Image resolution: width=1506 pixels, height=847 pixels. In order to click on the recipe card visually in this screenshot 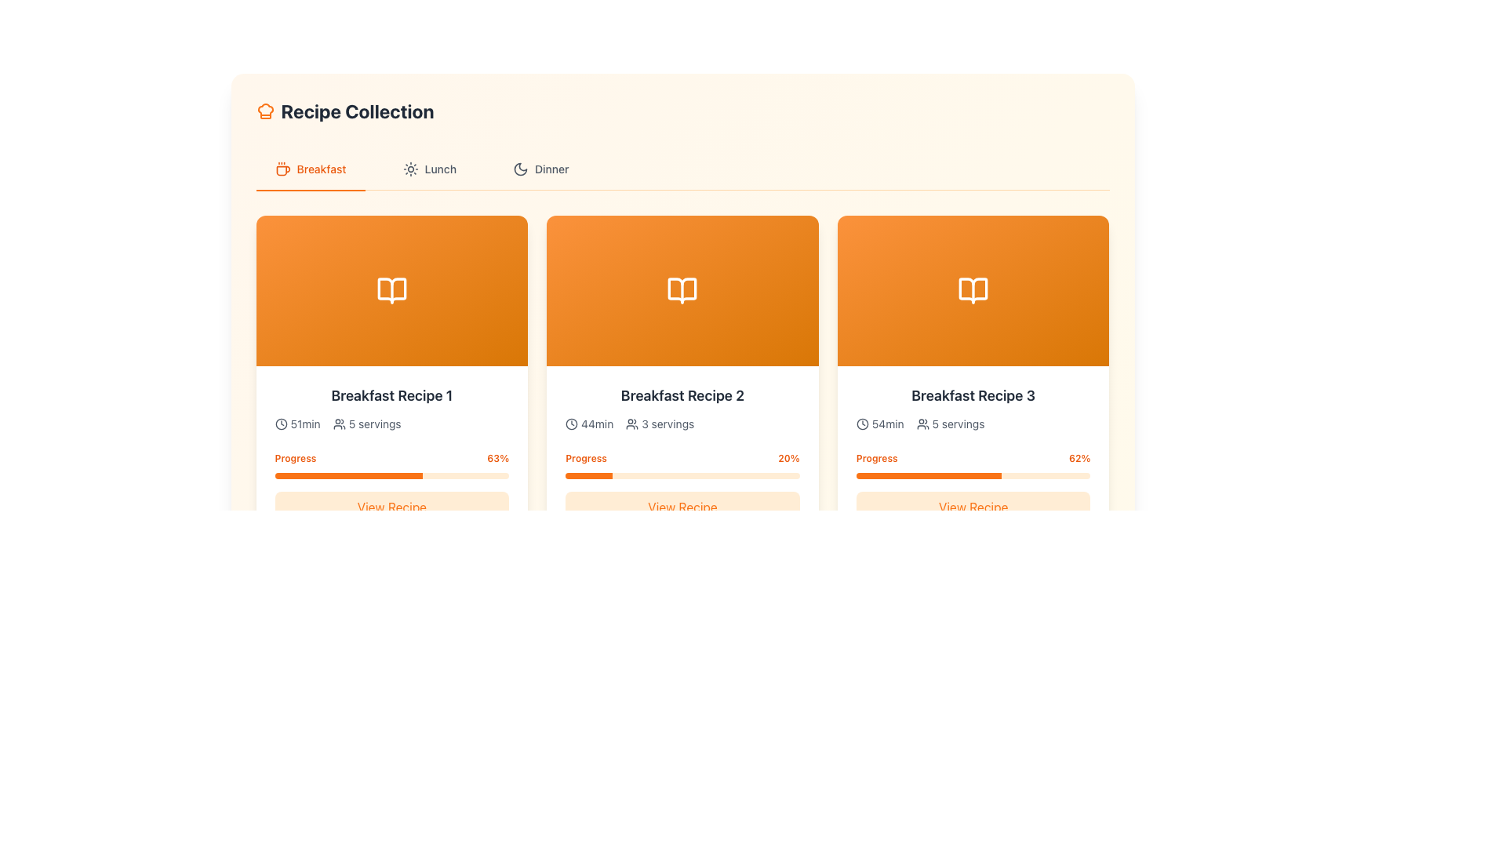, I will do `click(391, 290)`.